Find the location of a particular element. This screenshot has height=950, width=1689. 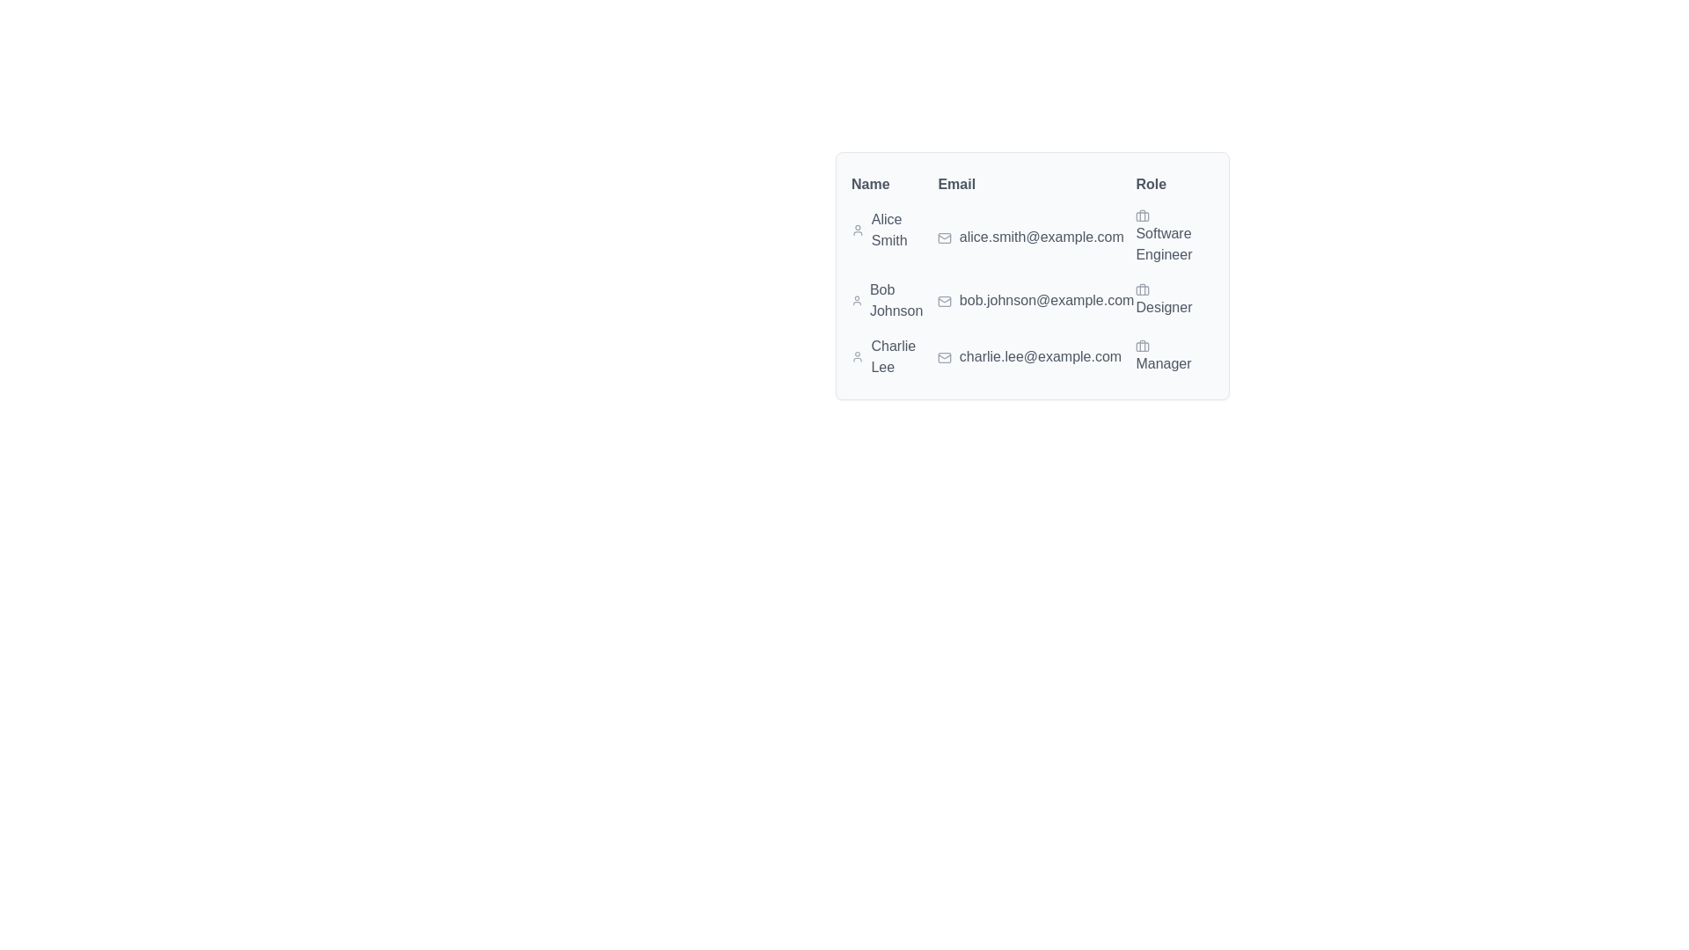

the static text element displaying 'Alice Smith' which is accompanied by a user silhouette icon, located in the first row of the table under the 'Name' column is located at coordinates (894, 230).